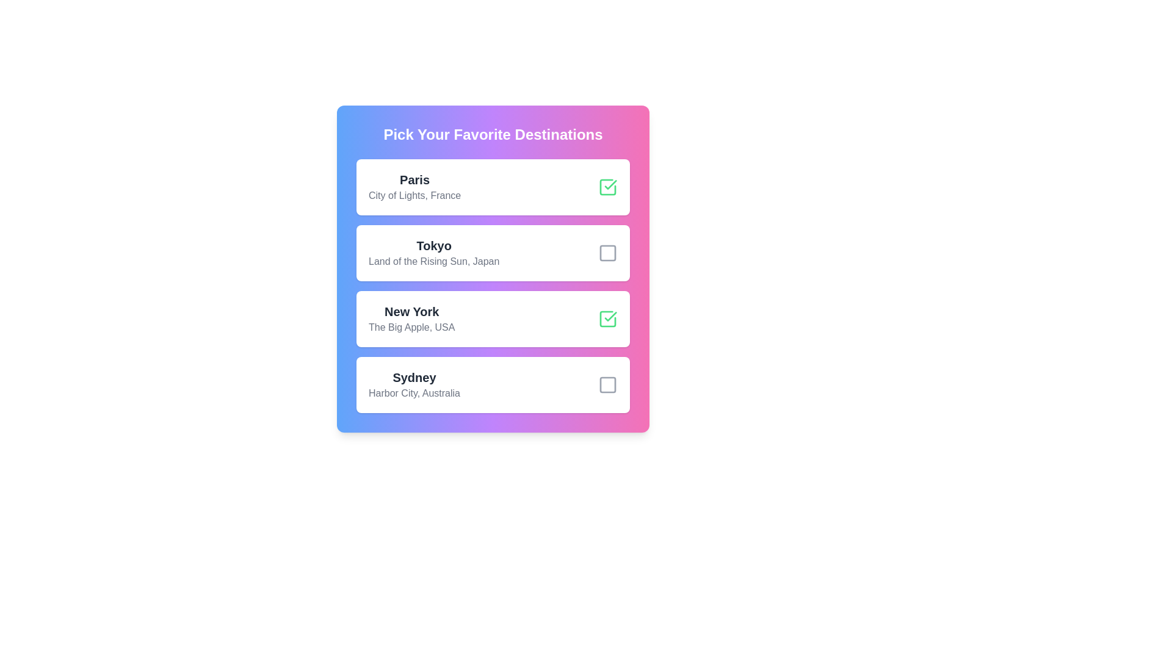 The image size is (1172, 659). I want to click on the destination Tokyo, so click(608, 253).